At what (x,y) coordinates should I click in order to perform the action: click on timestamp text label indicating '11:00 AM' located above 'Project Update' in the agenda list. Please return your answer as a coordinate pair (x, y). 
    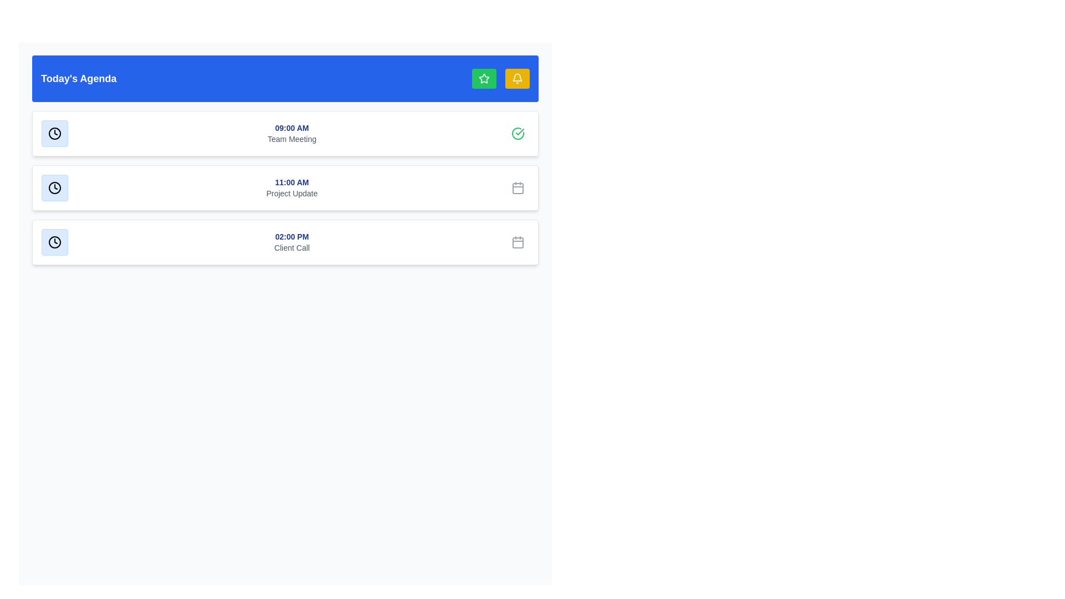
    Looking at the image, I should click on (292, 181).